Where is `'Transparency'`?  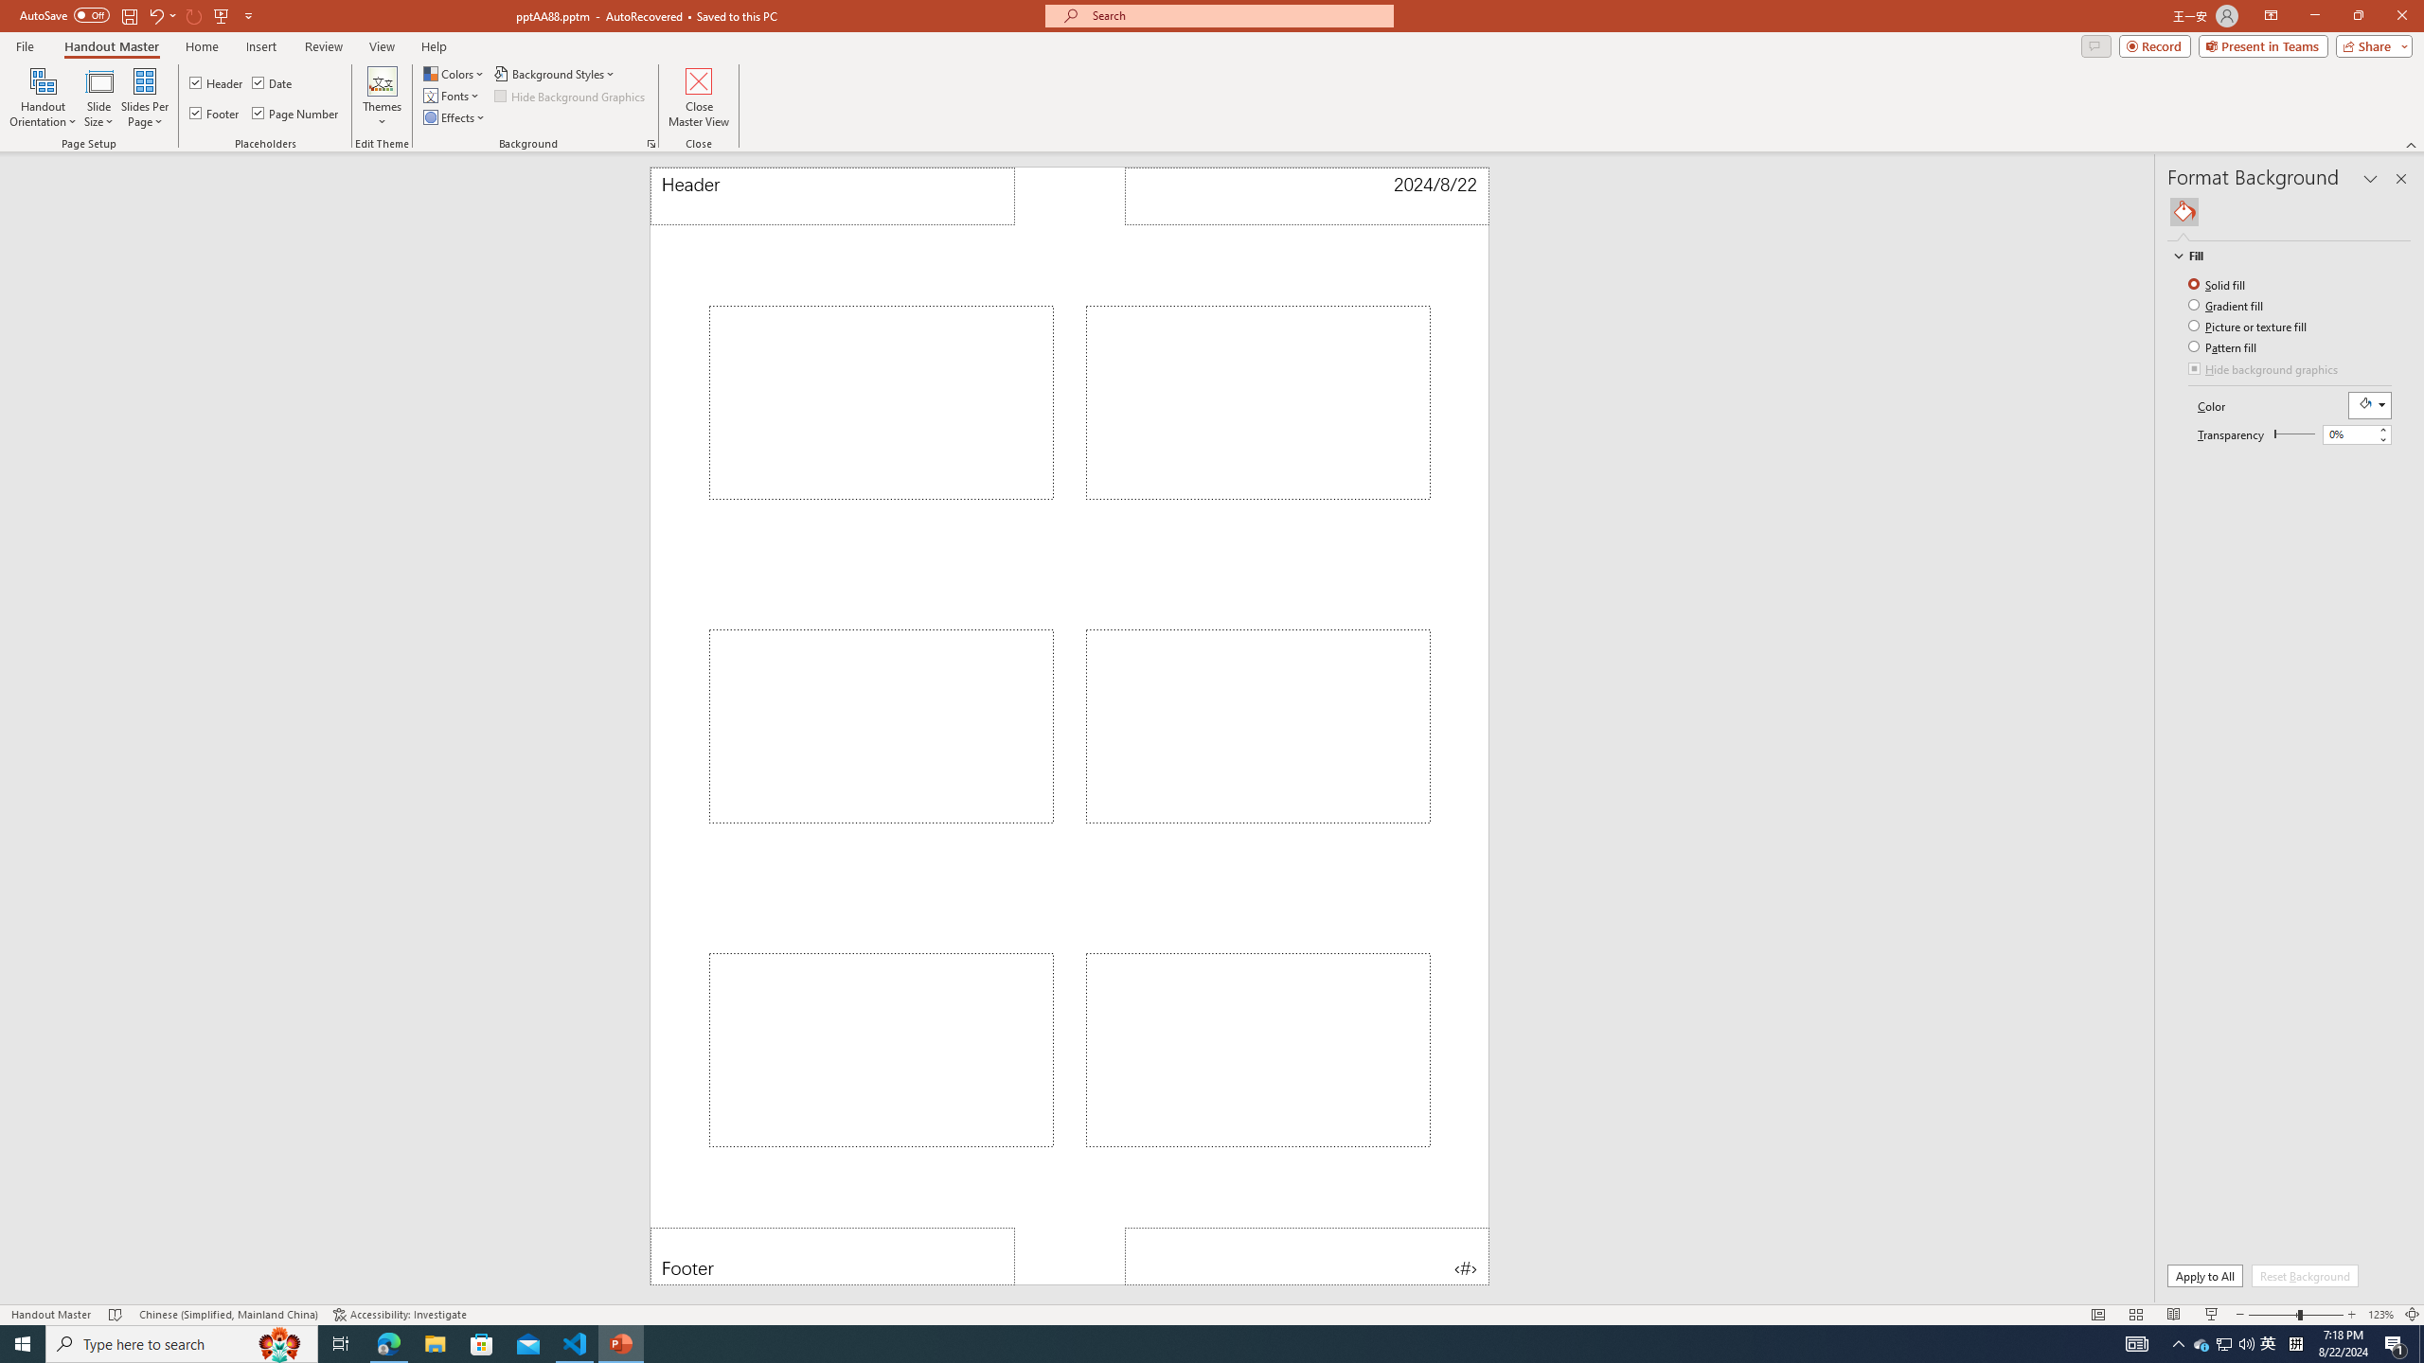
'Transparency' is located at coordinates (2293, 433).